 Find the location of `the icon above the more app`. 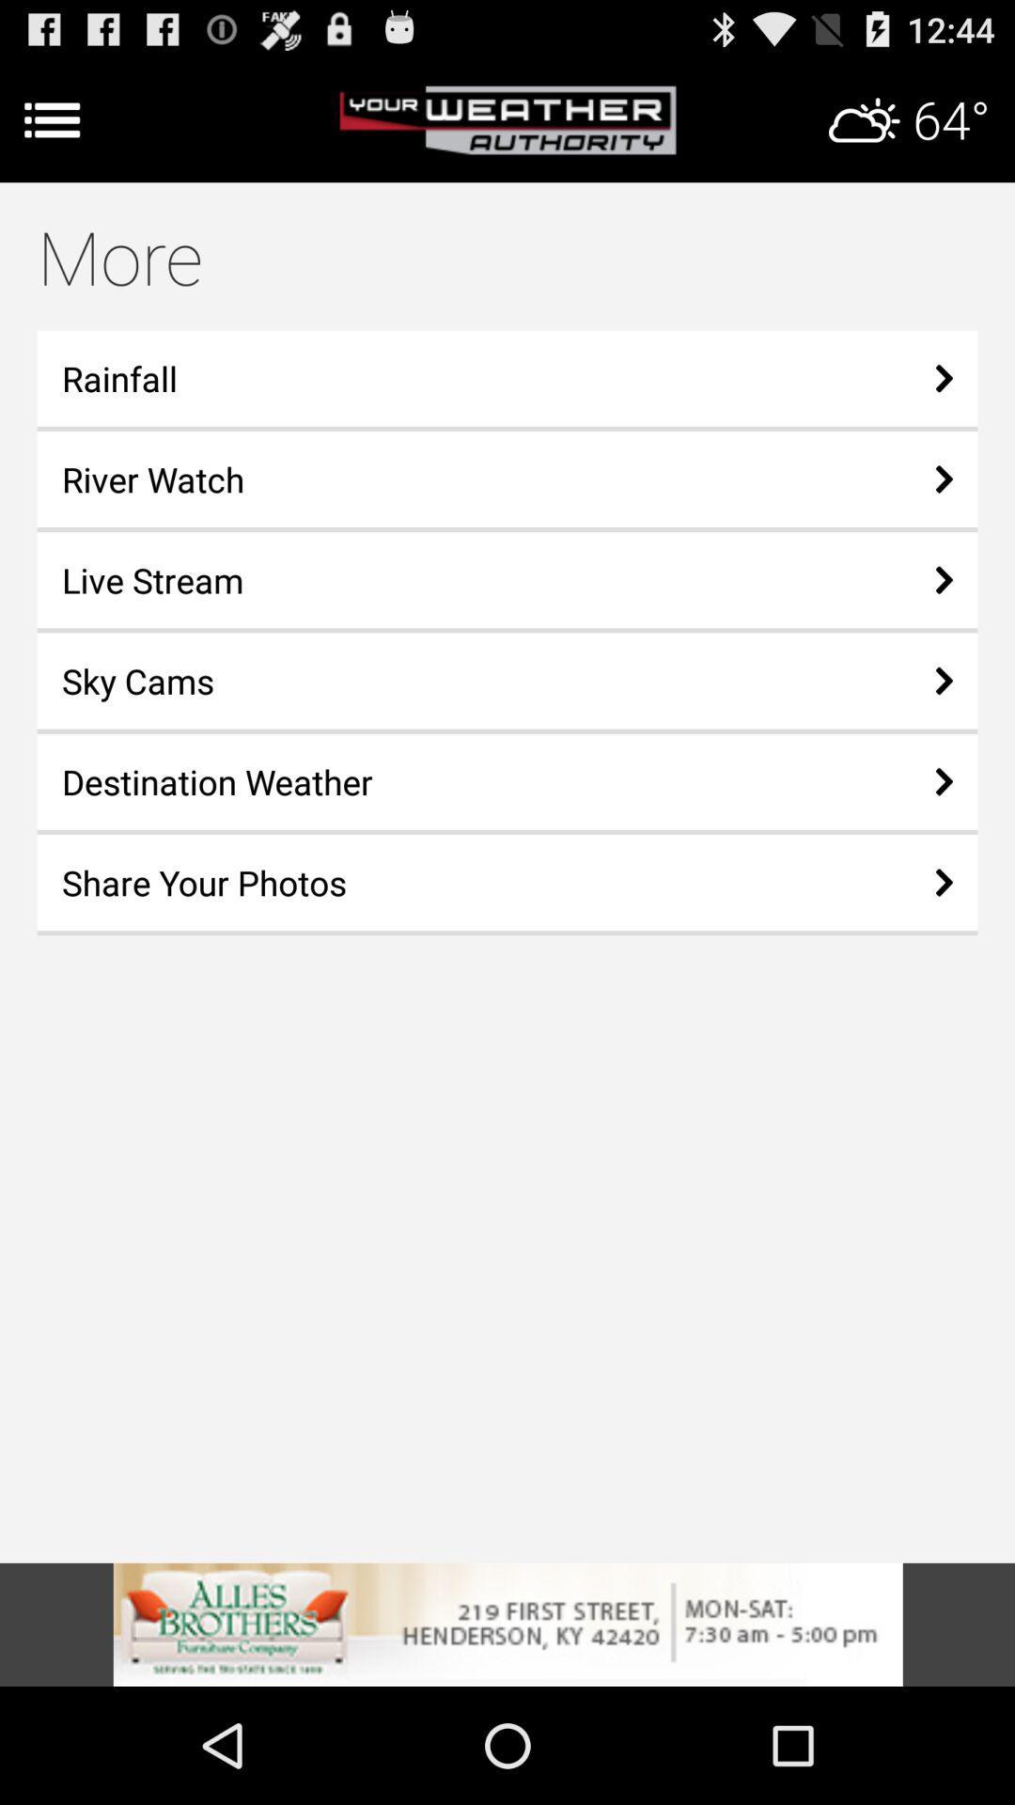

the icon above the more app is located at coordinates (507, 119).